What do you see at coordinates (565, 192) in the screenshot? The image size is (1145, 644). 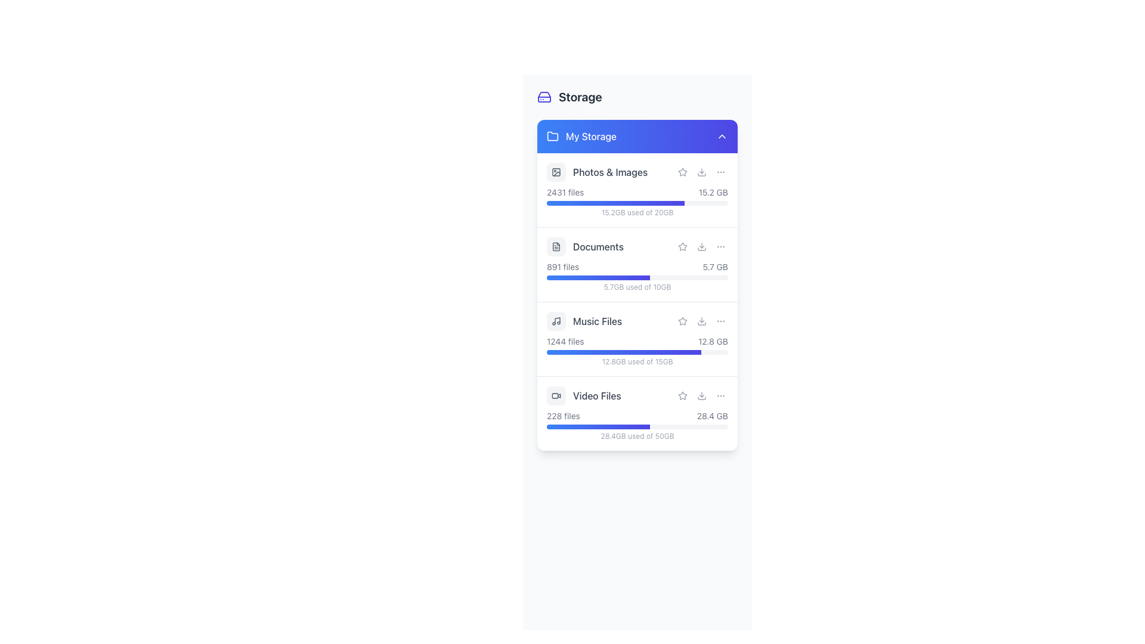 I see `the text label displaying '2431 files', which is part of the 'My Storage' panel under the 'Photos & Images' section` at bounding box center [565, 192].